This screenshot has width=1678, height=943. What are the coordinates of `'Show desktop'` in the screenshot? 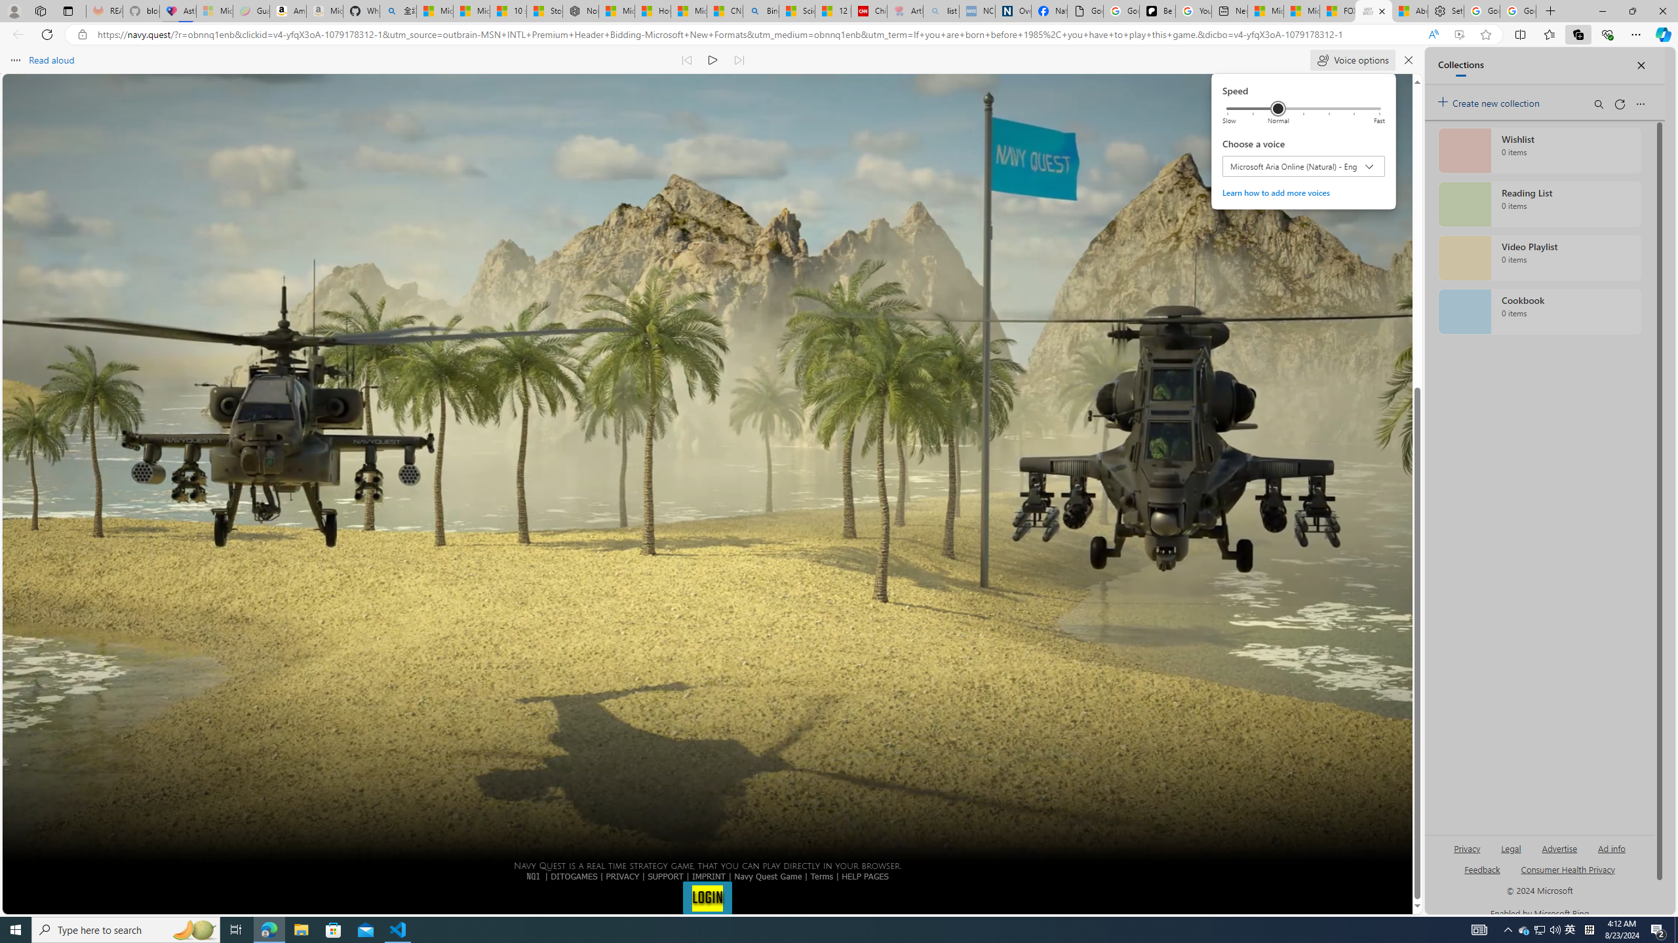 It's located at (1675, 929).